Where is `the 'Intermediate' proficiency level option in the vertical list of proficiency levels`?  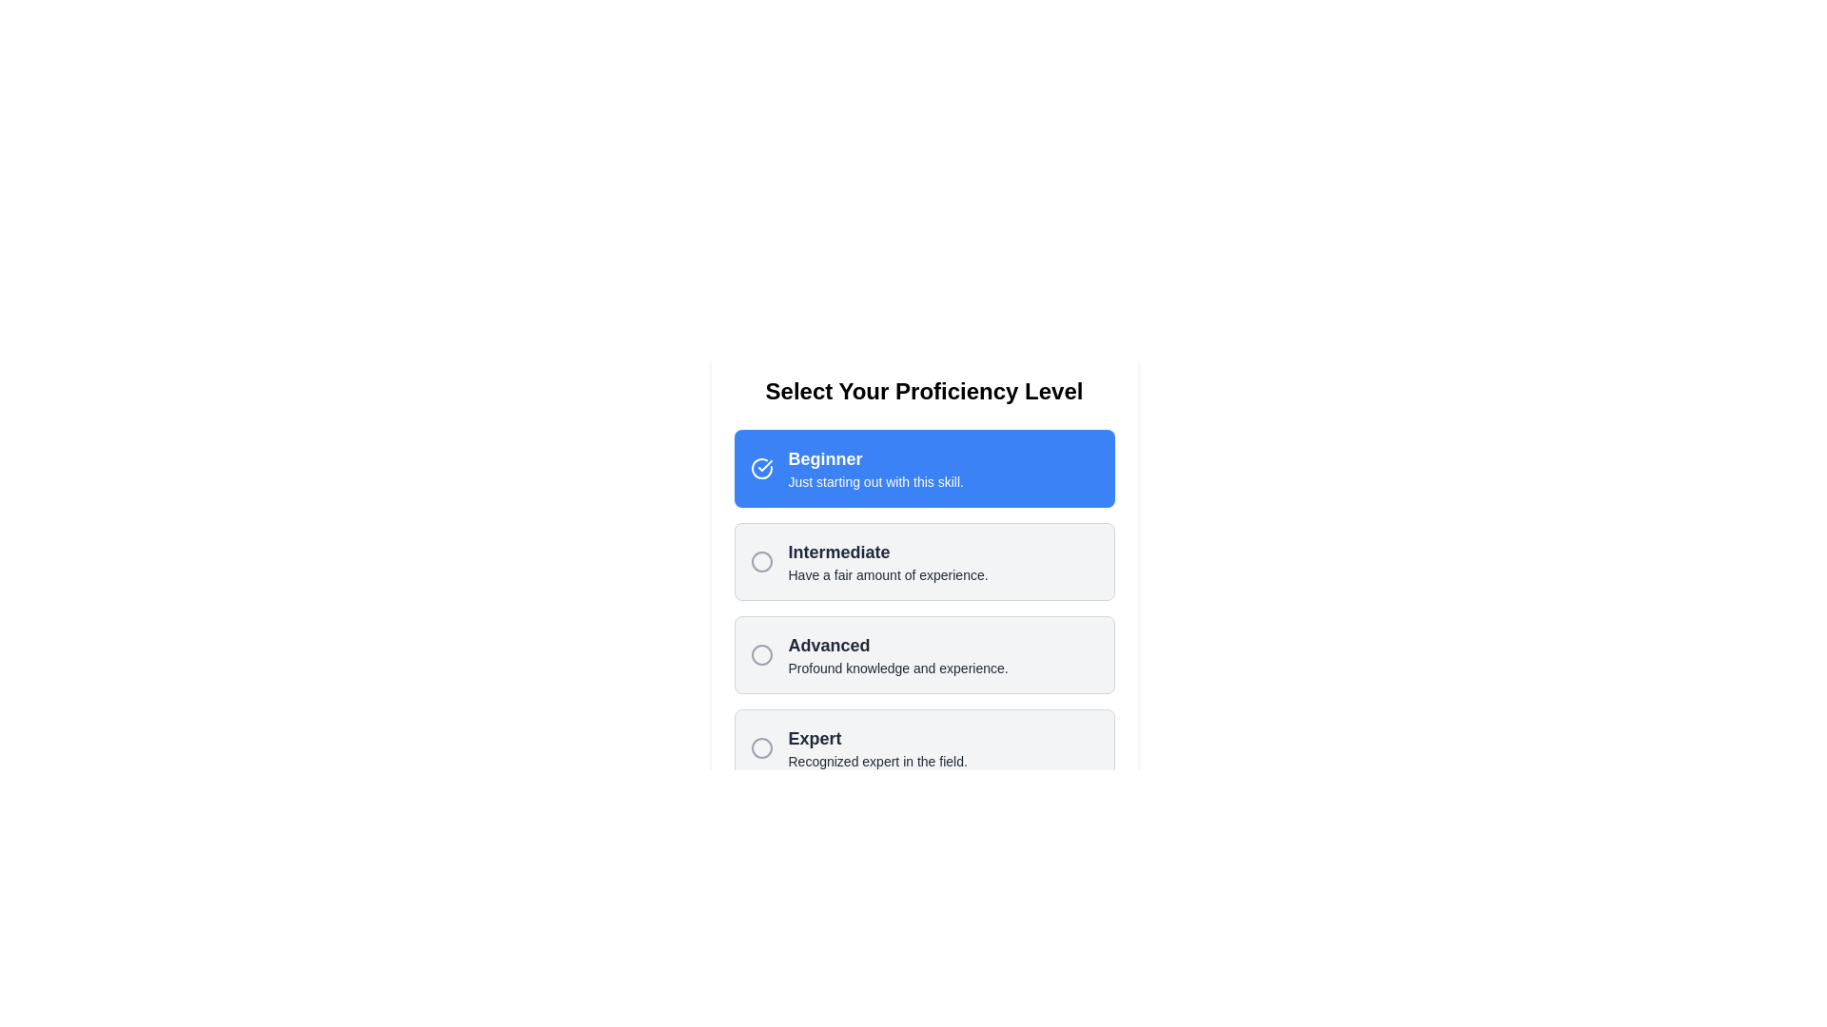 the 'Intermediate' proficiency level option in the vertical list of proficiency levels is located at coordinates (887, 560).